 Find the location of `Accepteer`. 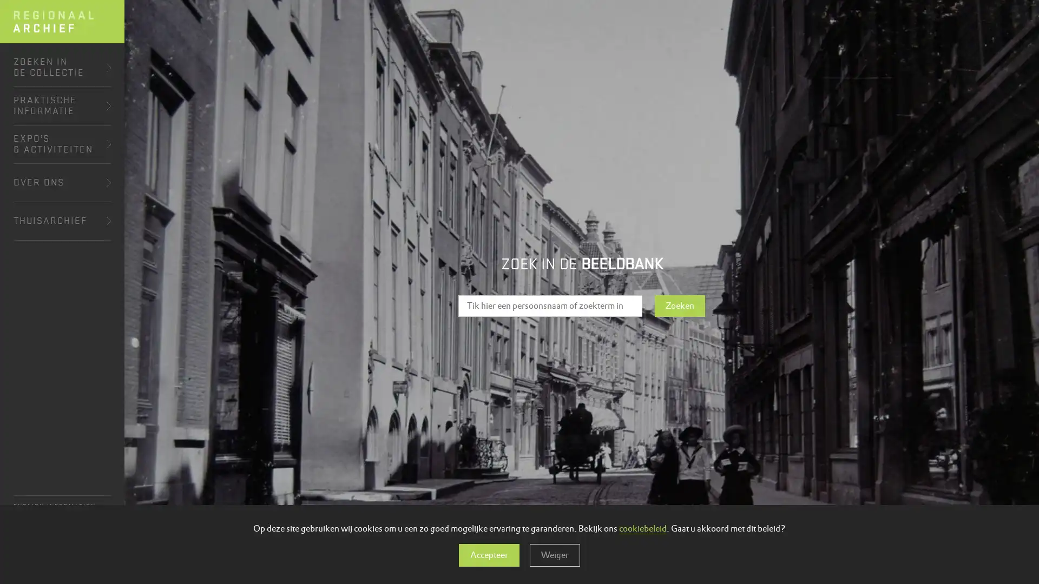

Accepteer is located at coordinates (488, 555).